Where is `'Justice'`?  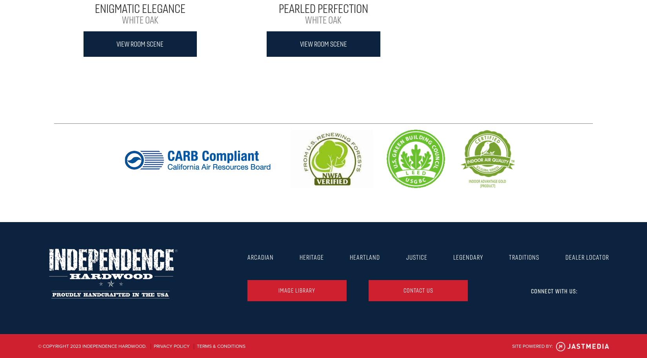
'Justice' is located at coordinates (416, 257).